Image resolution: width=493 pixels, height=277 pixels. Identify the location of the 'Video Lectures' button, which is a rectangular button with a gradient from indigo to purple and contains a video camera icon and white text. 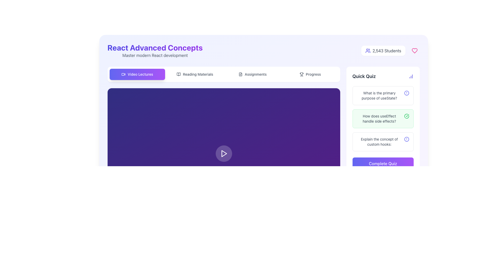
(137, 74).